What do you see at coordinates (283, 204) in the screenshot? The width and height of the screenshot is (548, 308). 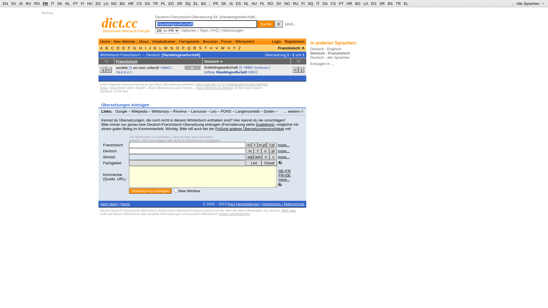 I see `'Impressum / Datenschutz'` at bounding box center [283, 204].